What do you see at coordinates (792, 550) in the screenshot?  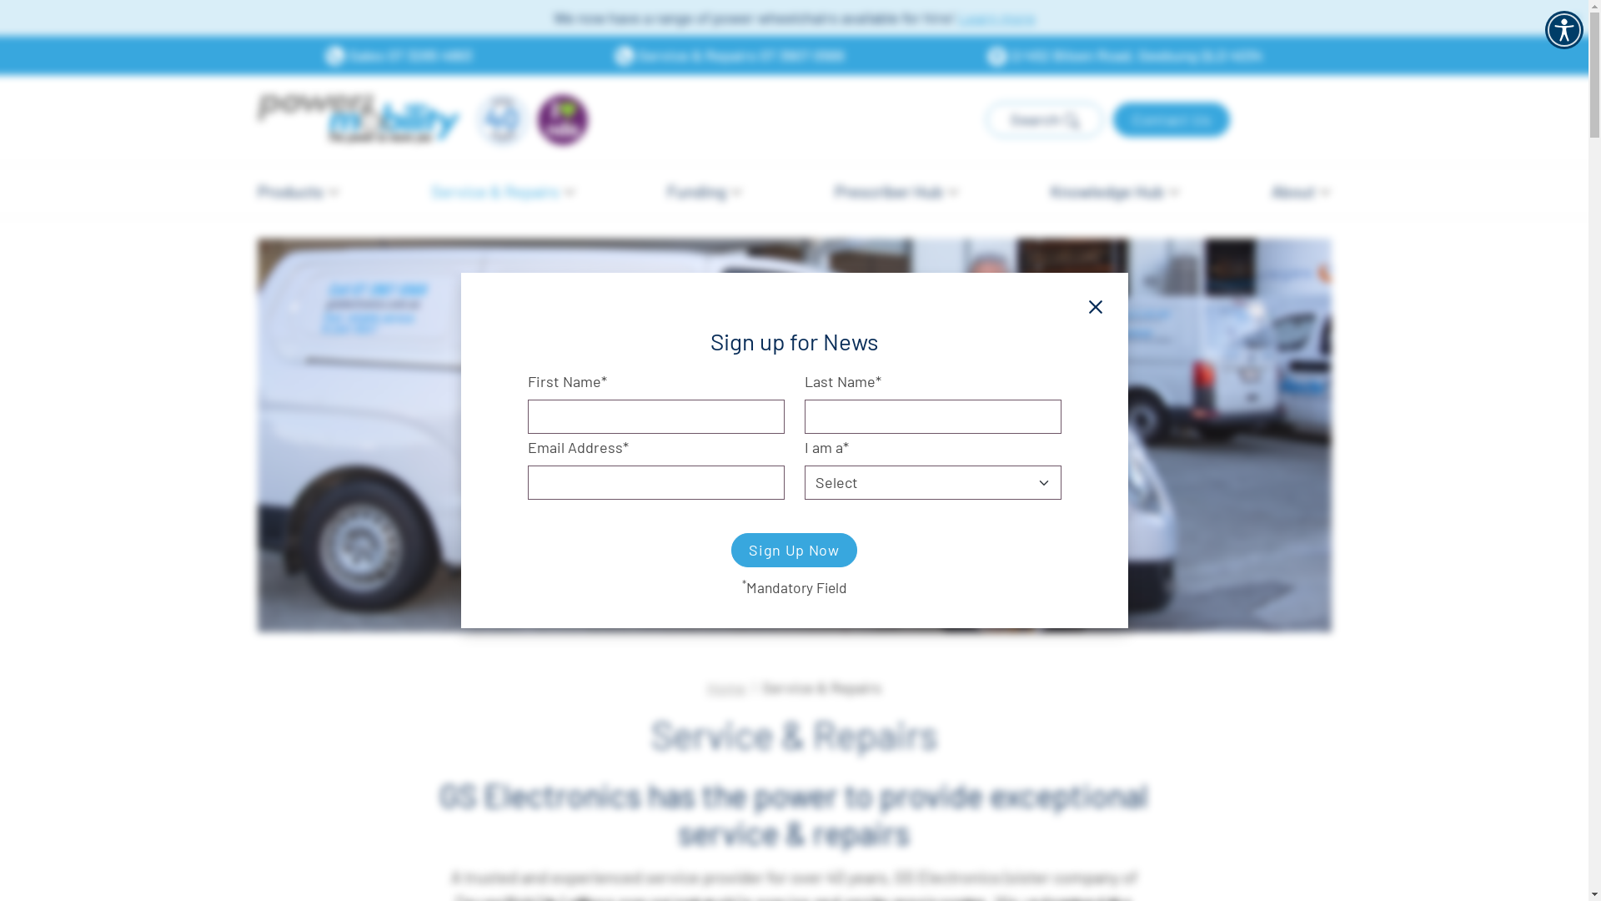 I see `'Sign Up Now'` at bounding box center [792, 550].